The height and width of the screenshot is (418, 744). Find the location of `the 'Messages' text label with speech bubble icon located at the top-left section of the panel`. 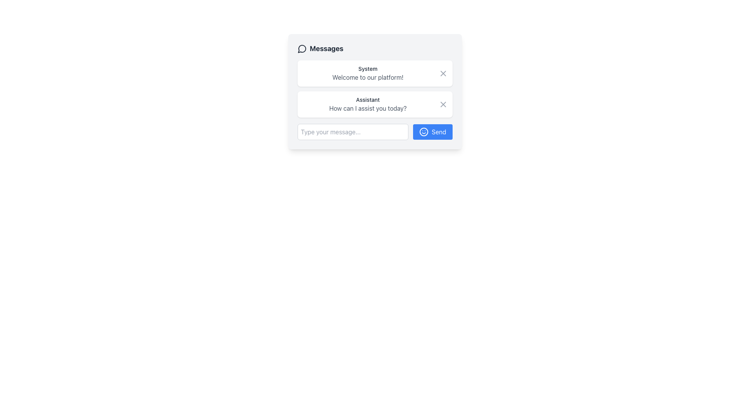

the 'Messages' text label with speech bubble icon located at the top-left section of the panel is located at coordinates (320, 49).